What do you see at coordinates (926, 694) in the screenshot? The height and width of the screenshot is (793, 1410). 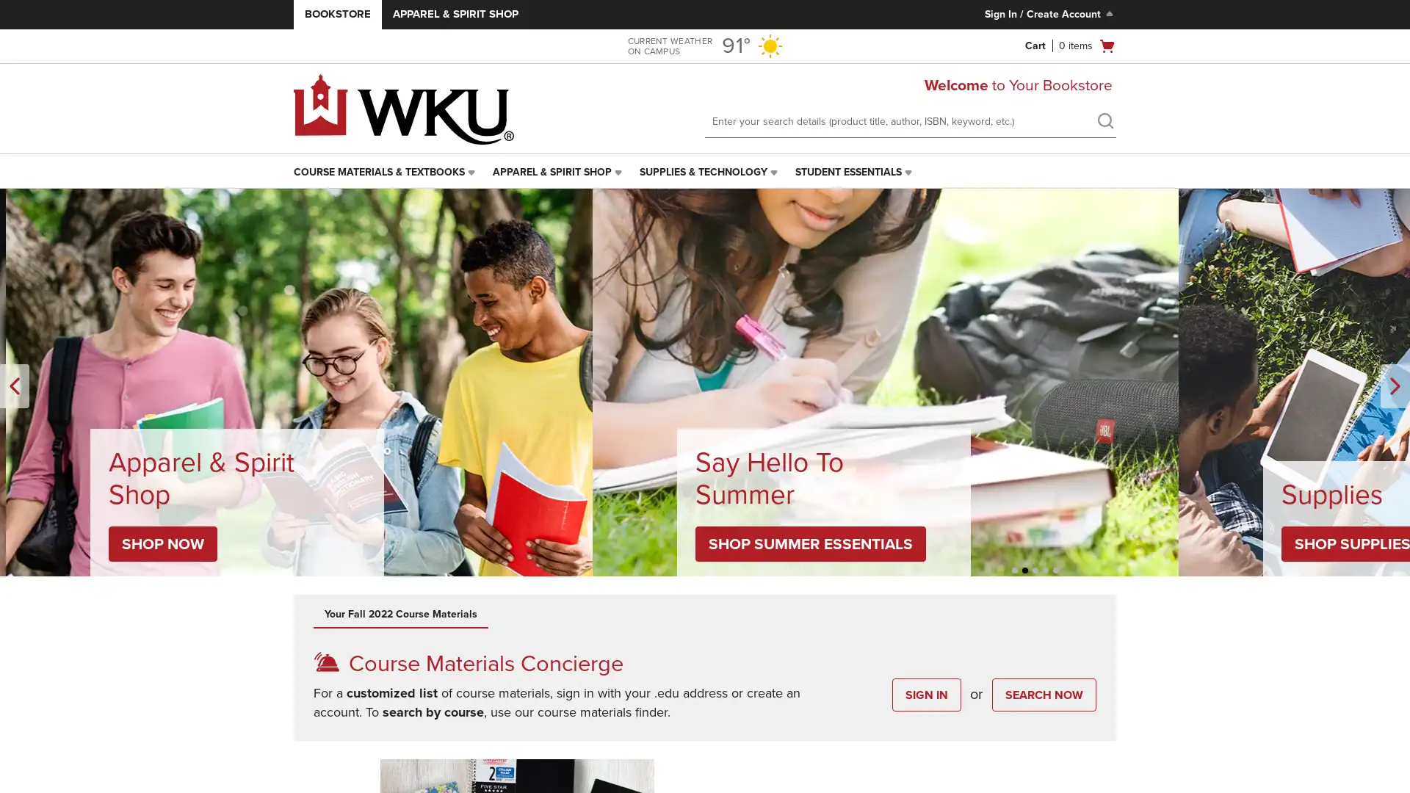 I see `SIGN IN` at bounding box center [926, 694].